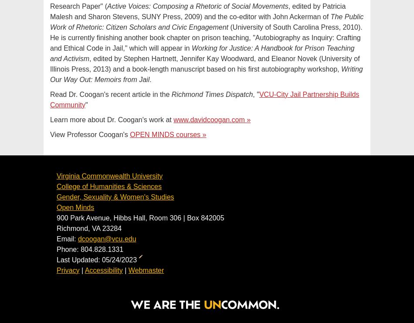 The image size is (414, 323). I want to click on '900 Park Avenue, Hibbs Hall, Room 306 | Box 842005', so click(139, 217).